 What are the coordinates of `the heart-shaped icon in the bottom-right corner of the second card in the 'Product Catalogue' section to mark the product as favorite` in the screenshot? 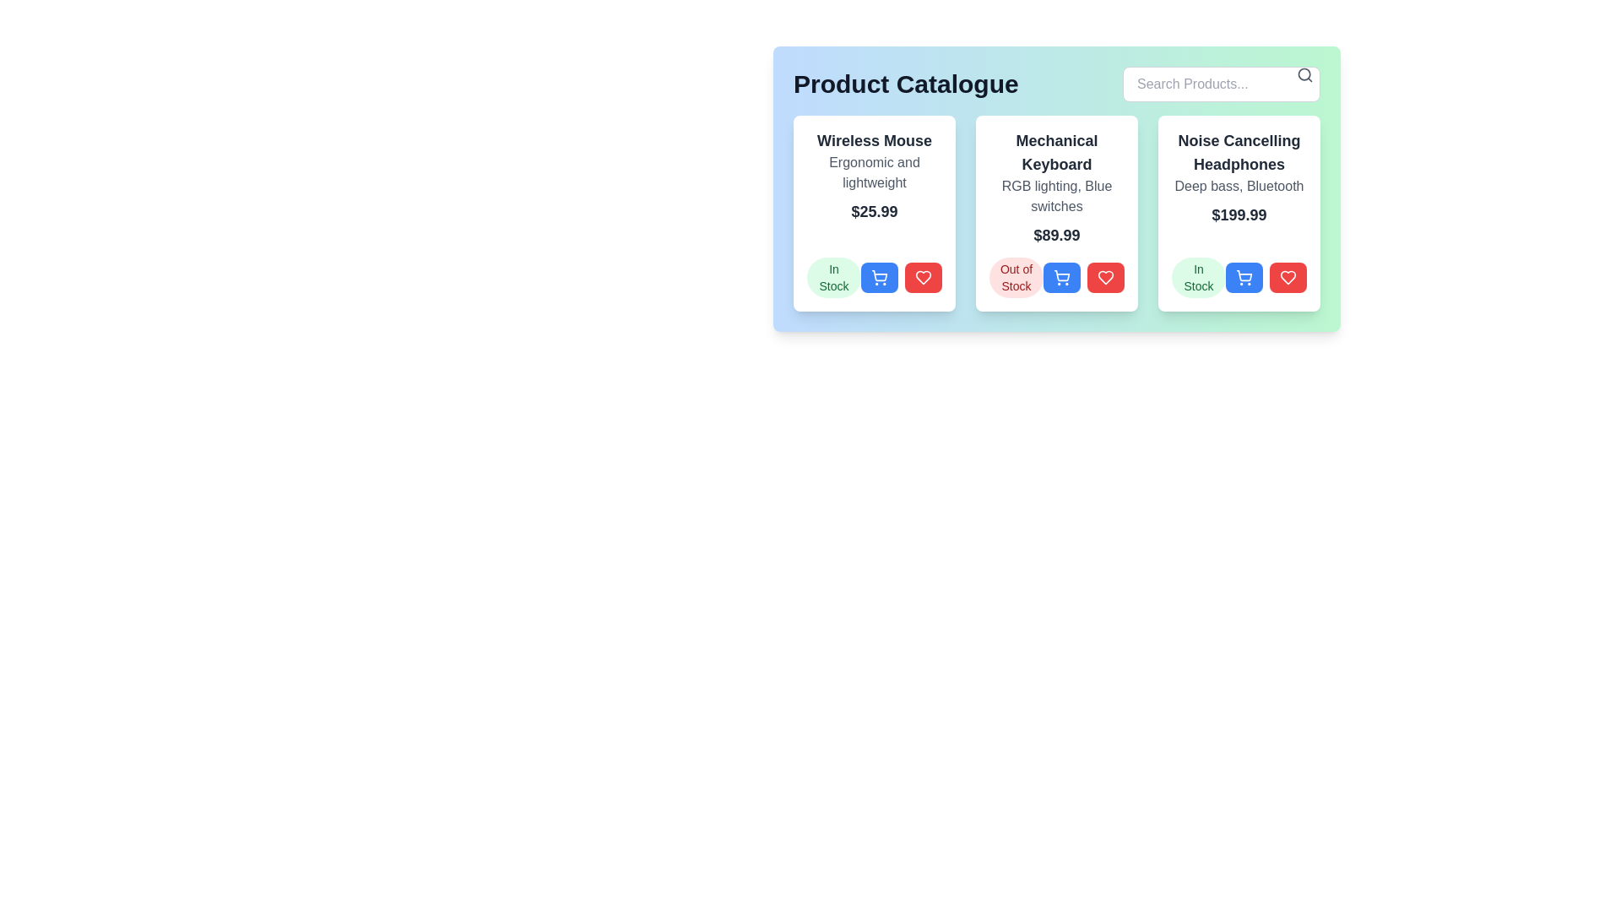 It's located at (1106, 276).